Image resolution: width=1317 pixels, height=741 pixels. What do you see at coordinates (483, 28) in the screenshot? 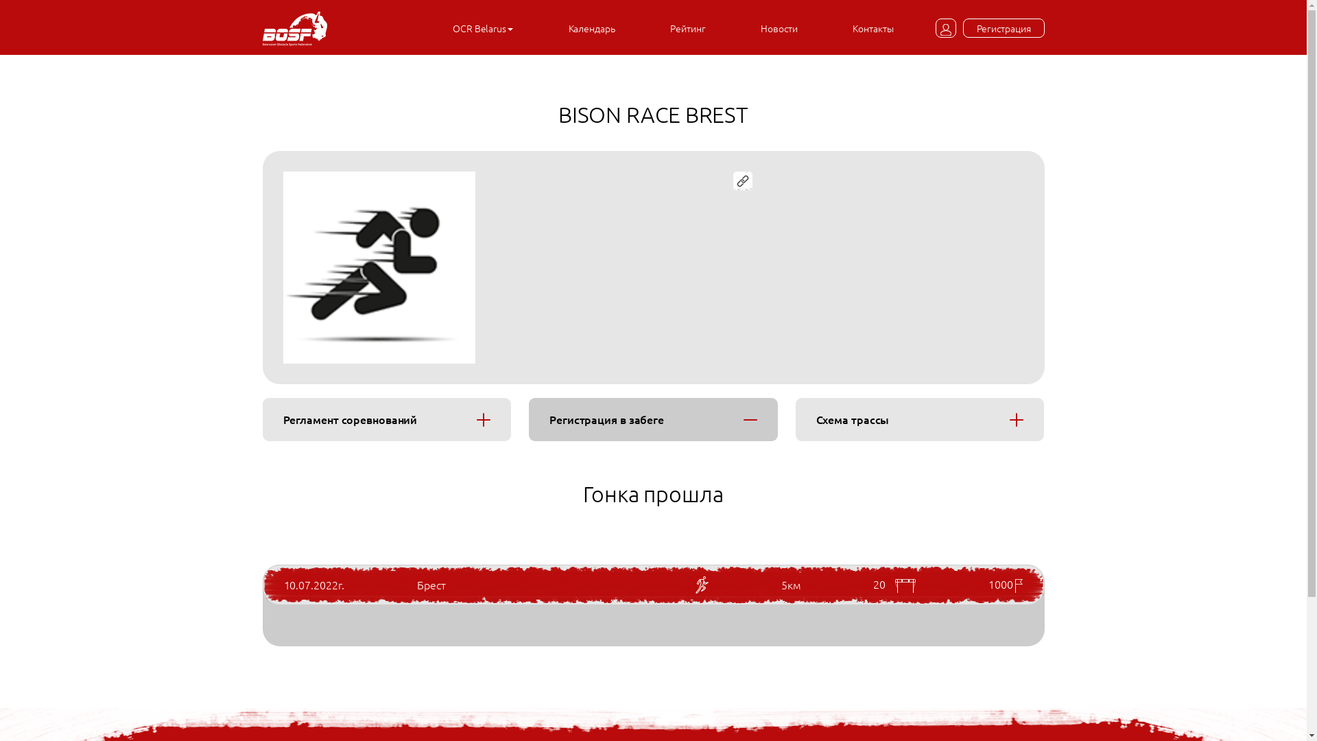
I see `'OCR Belarus'` at bounding box center [483, 28].